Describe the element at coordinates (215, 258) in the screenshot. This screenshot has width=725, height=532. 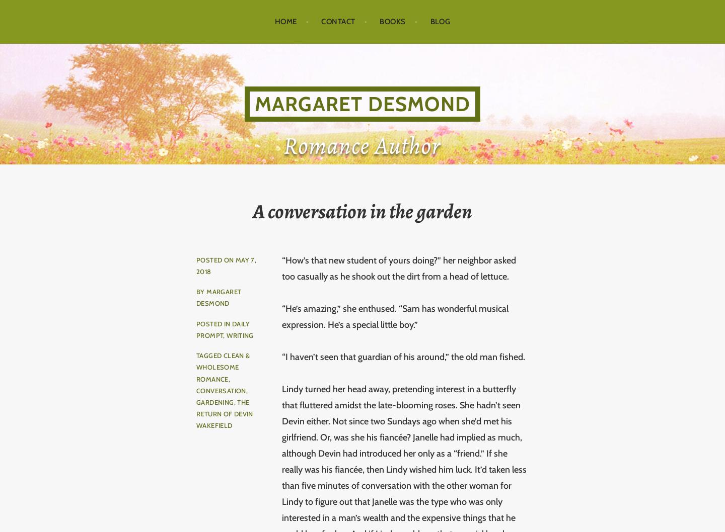
I see `'Posted on'` at that location.